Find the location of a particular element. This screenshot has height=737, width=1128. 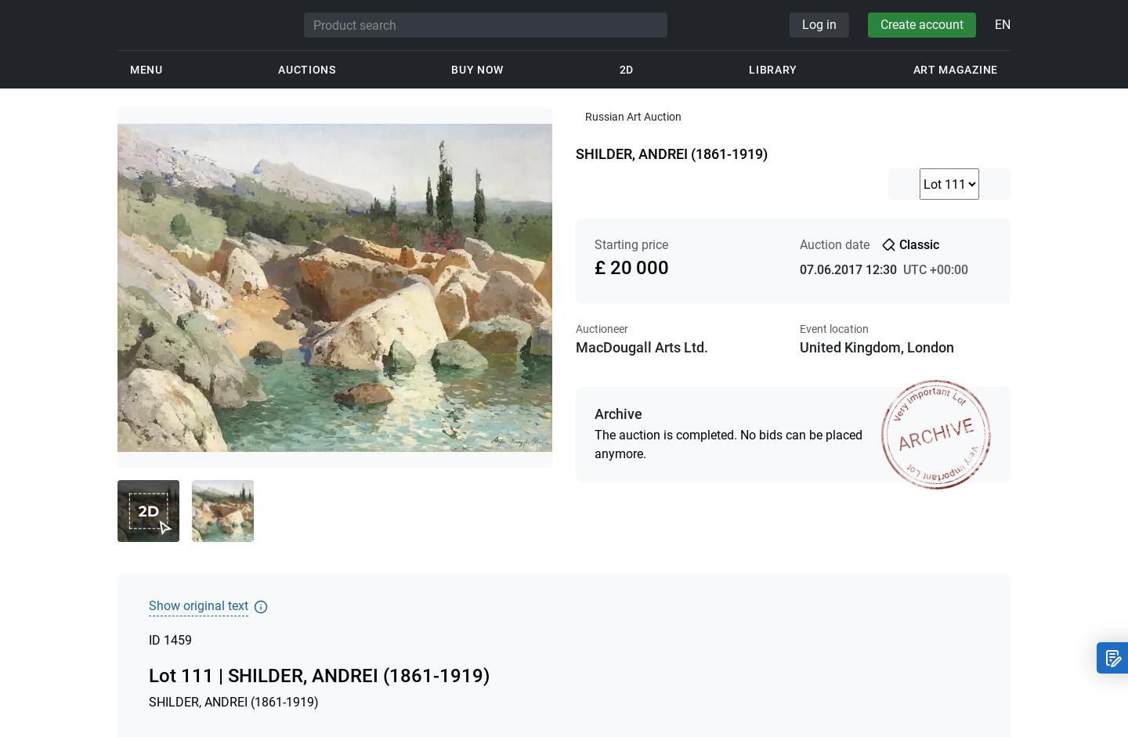

'UTC +00:00' is located at coordinates (935, 269).